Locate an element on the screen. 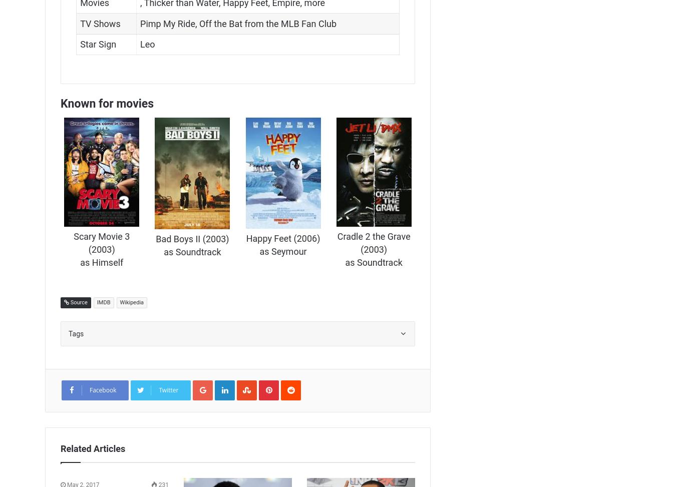  'Bad Boys II (2003)' is located at coordinates (192, 238).